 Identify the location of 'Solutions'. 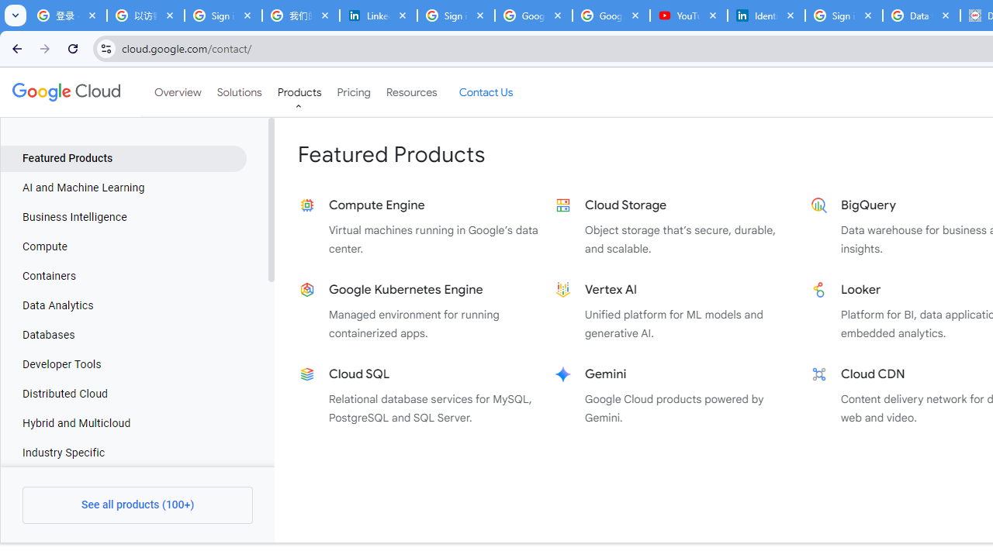
(238, 92).